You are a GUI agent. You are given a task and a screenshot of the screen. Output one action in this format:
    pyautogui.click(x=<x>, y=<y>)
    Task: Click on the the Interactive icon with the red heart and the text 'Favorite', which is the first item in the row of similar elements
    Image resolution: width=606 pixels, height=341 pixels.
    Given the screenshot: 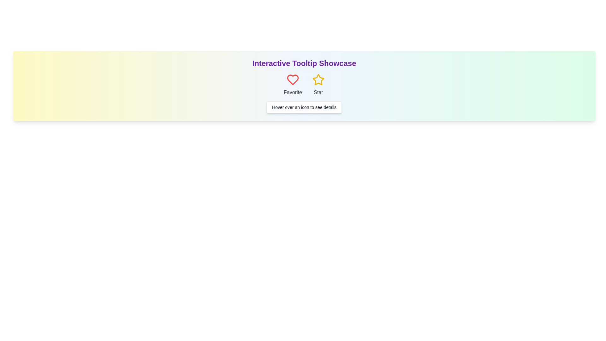 What is the action you would take?
    pyautogui.click(x=292, y=85)
    